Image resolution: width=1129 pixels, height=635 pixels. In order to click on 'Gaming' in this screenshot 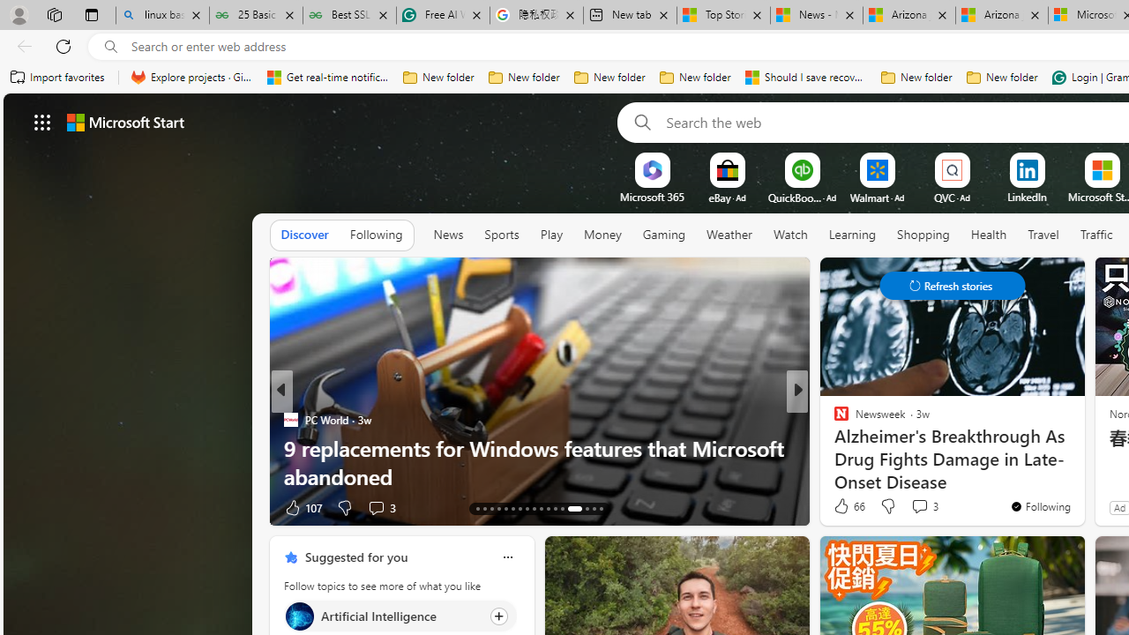, I will do `click(662, 235)`.